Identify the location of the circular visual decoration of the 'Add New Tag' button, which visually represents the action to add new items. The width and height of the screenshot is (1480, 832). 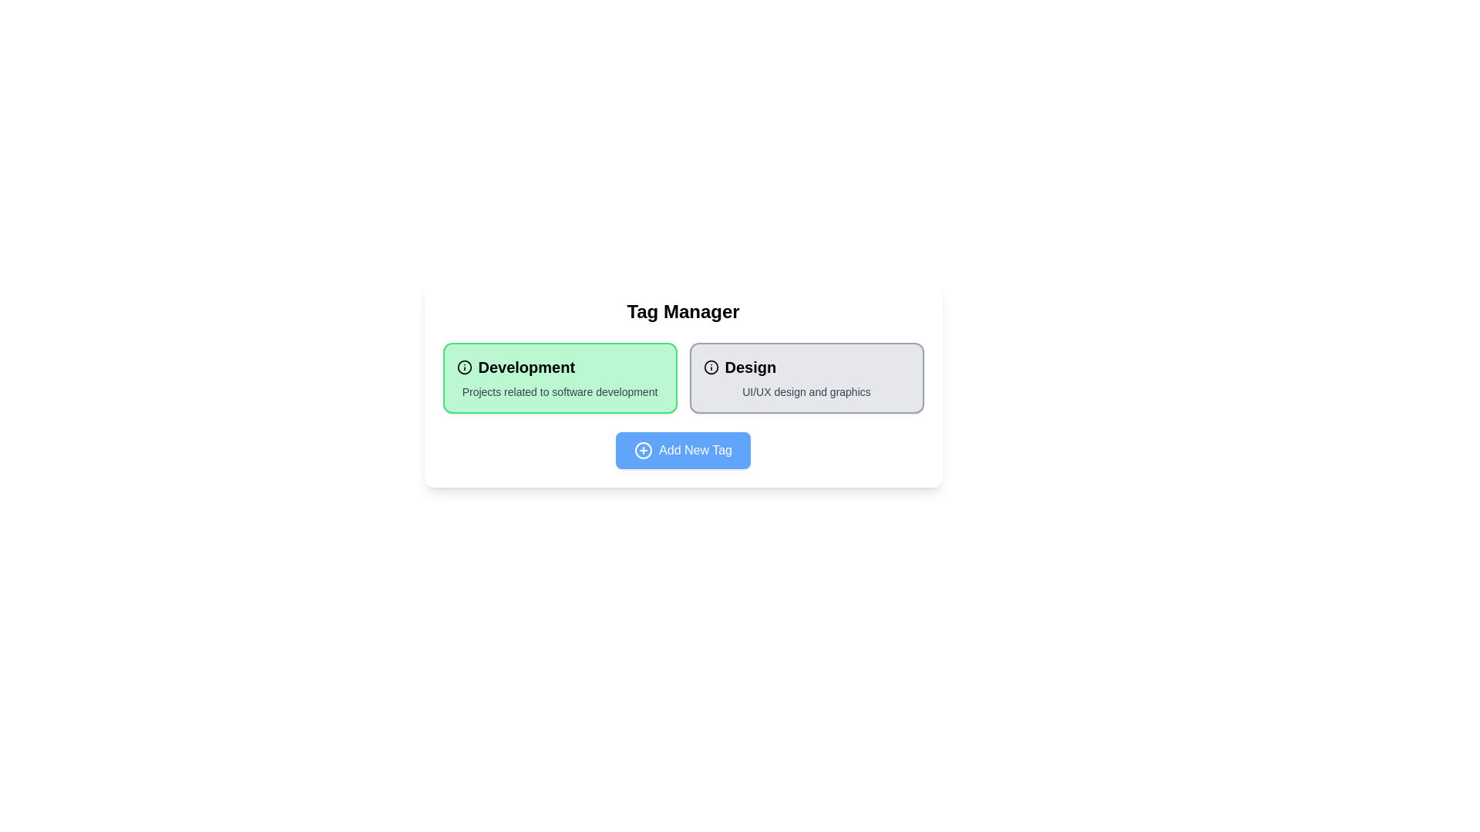
(644, 451).